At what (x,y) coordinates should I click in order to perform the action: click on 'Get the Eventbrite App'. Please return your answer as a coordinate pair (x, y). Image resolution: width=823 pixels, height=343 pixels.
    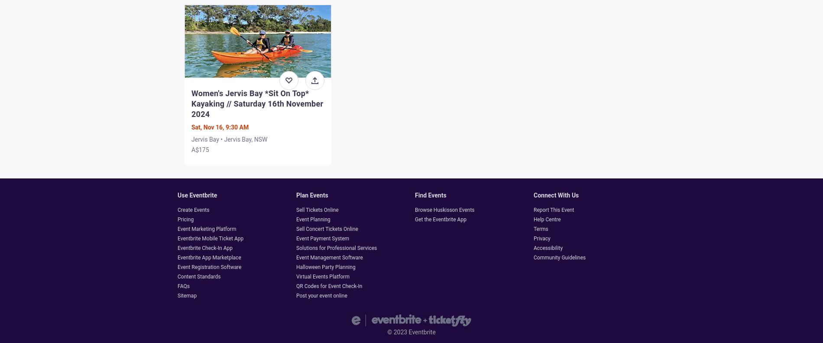
    Looking at the image, I should click on (441, 219).